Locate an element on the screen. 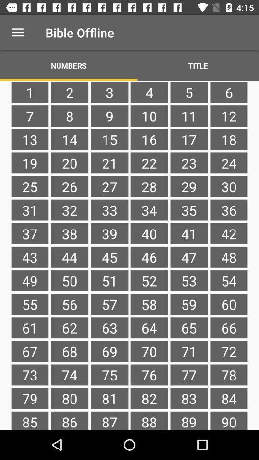 This screenshot has width=259, height=460. item next to the 59 item is located at coordinates (228, 328).